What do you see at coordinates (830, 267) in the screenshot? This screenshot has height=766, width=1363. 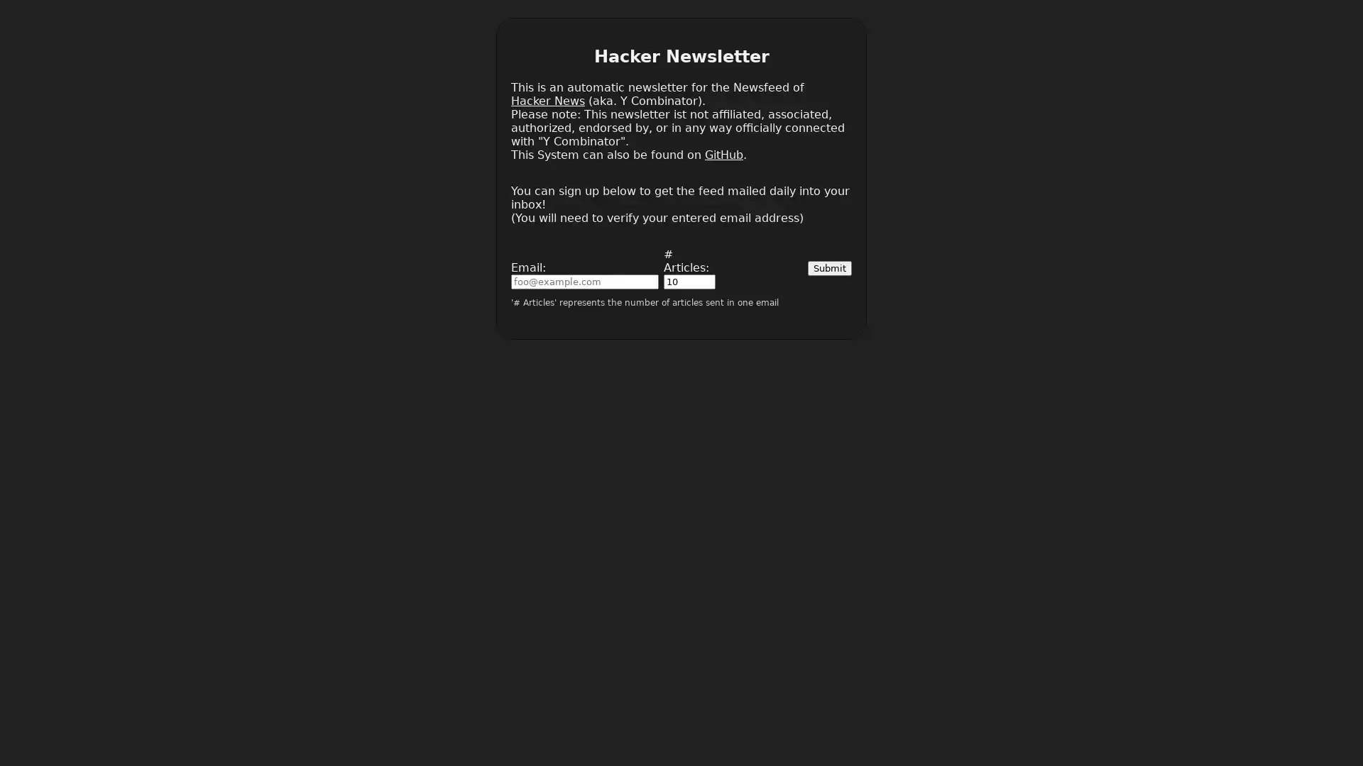 I see `Submit` at bounding box center [830, 267].